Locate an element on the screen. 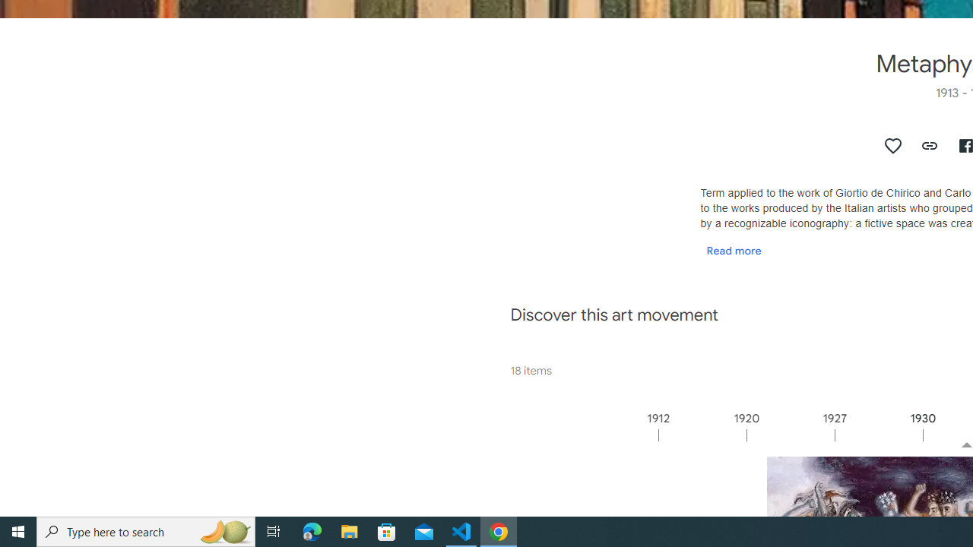  'Authenticate to favorite this asset.' is located at coordinates (893, 145).